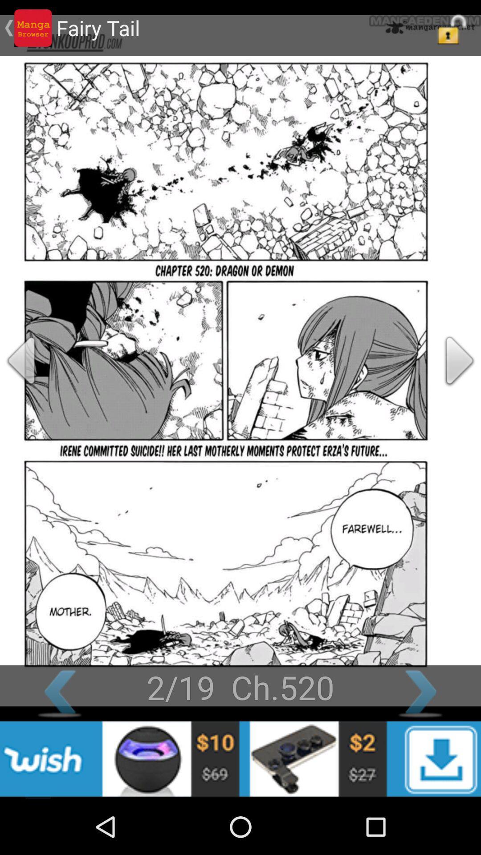 The width and height of the screenshot is (481, 855). What do you see at coordinates (446, 386) in the screenshot?
I see `the play icon` at bounding box center [446, 386].